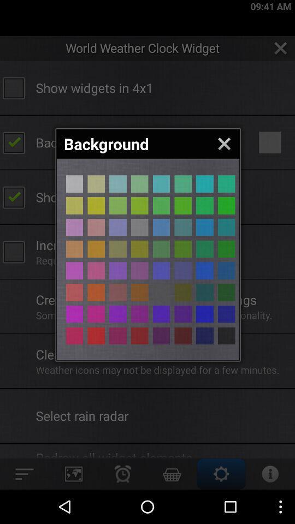 This screenshot has width=295, height=524. I want to click on background color picker, so click(117, 314).